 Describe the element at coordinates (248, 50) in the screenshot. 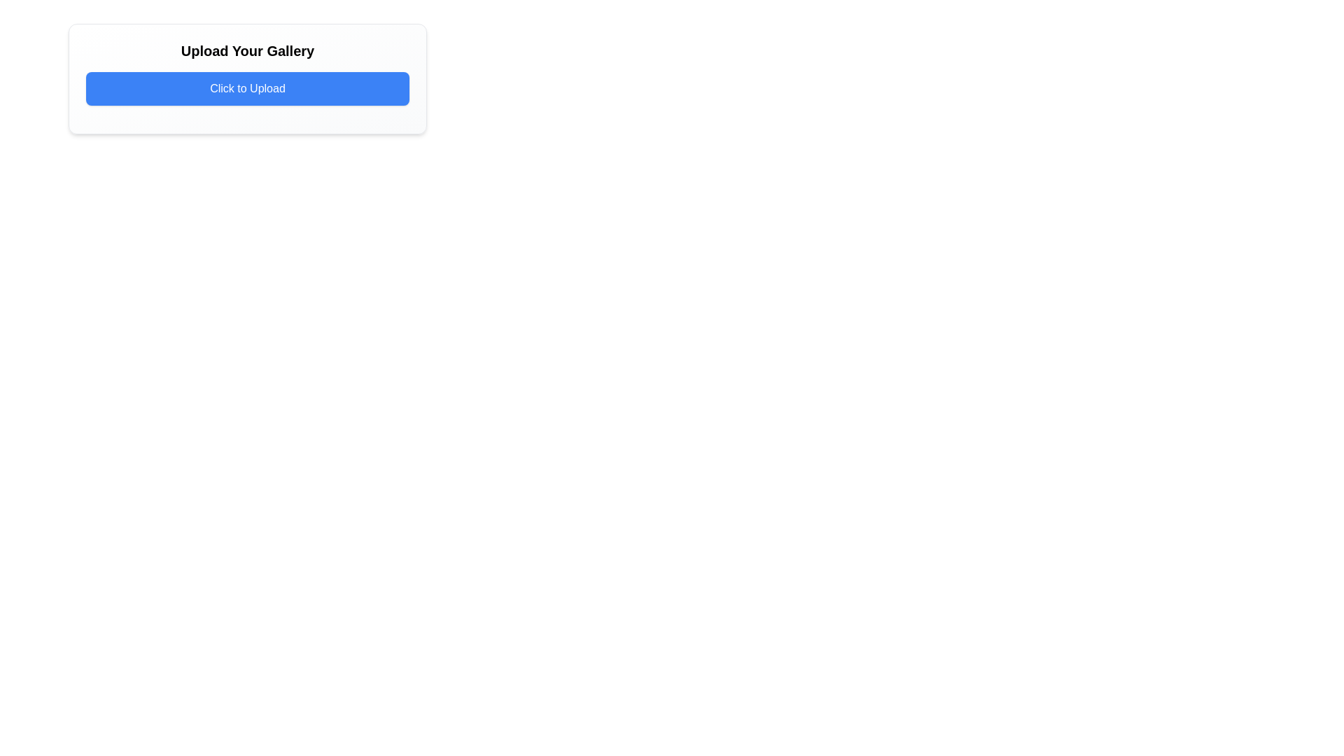

I see `descriptive header text displayed above the 'Click to Upload' button, which informs the user about uploading items to a gallery` at that location.